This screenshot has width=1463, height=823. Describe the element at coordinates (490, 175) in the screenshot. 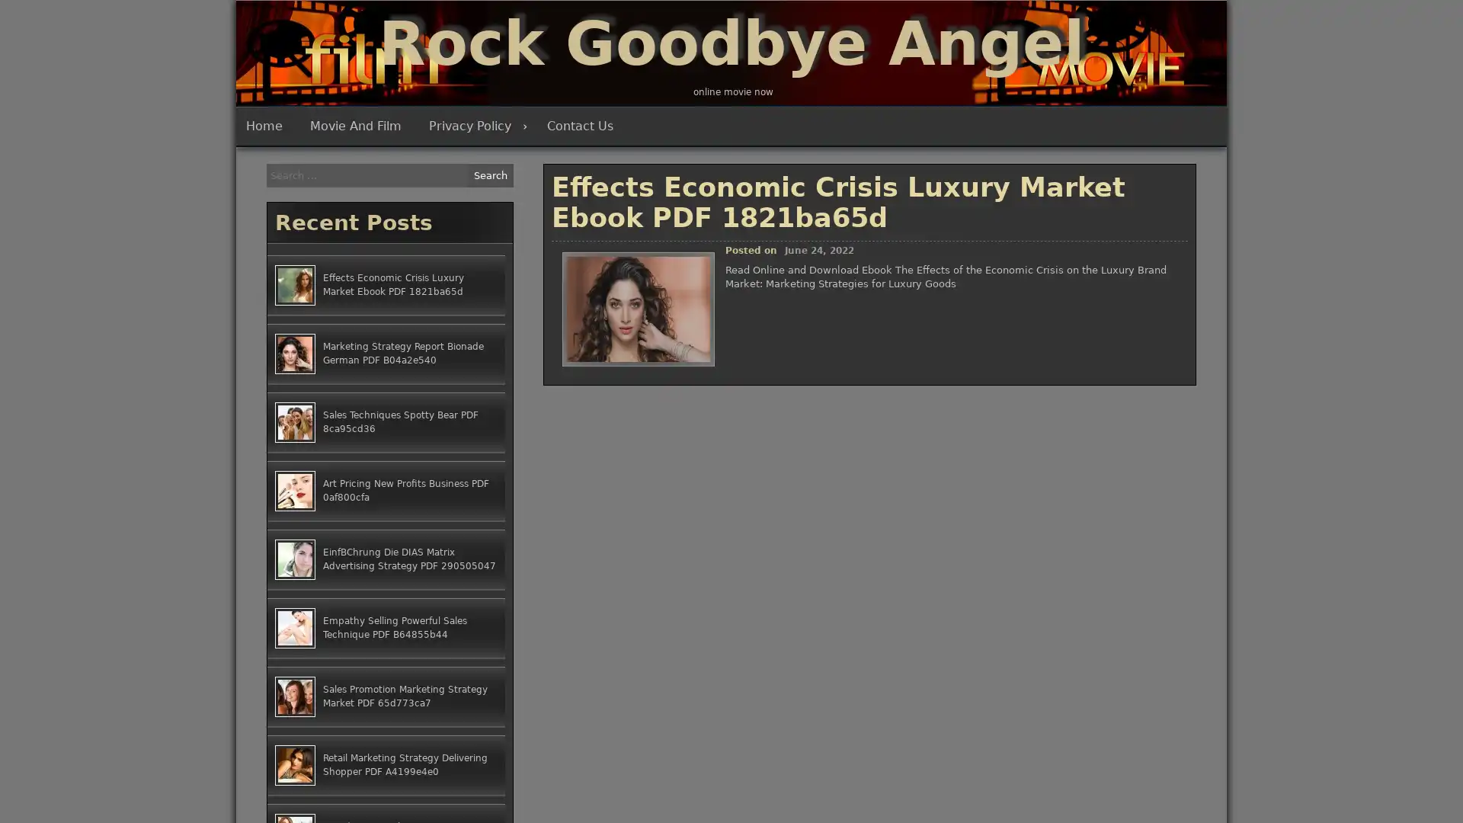

I see `Search` at that location.